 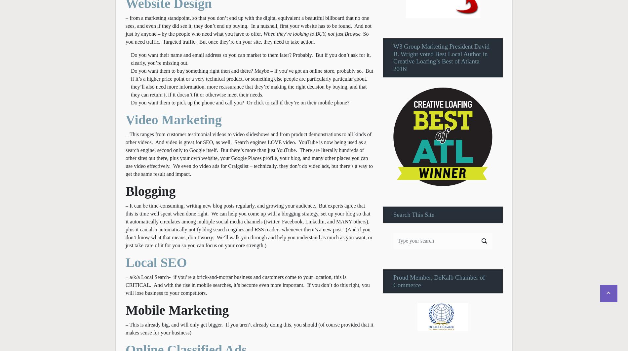 What do you see at coordinates (393, 281) in the screenshot?
I see `'Proud Member, DeKalb Chamber of Commerce'` at bounding box center [393, 281].